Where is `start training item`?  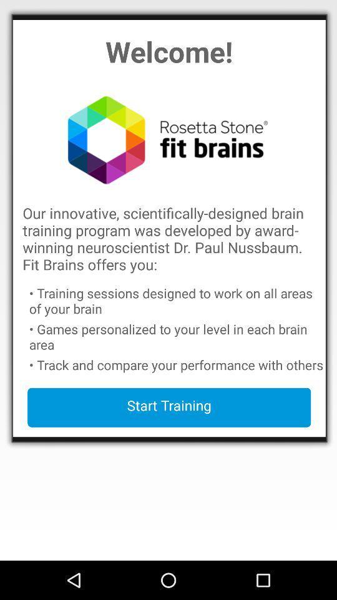 start training item is located at coordinates (168, 407).